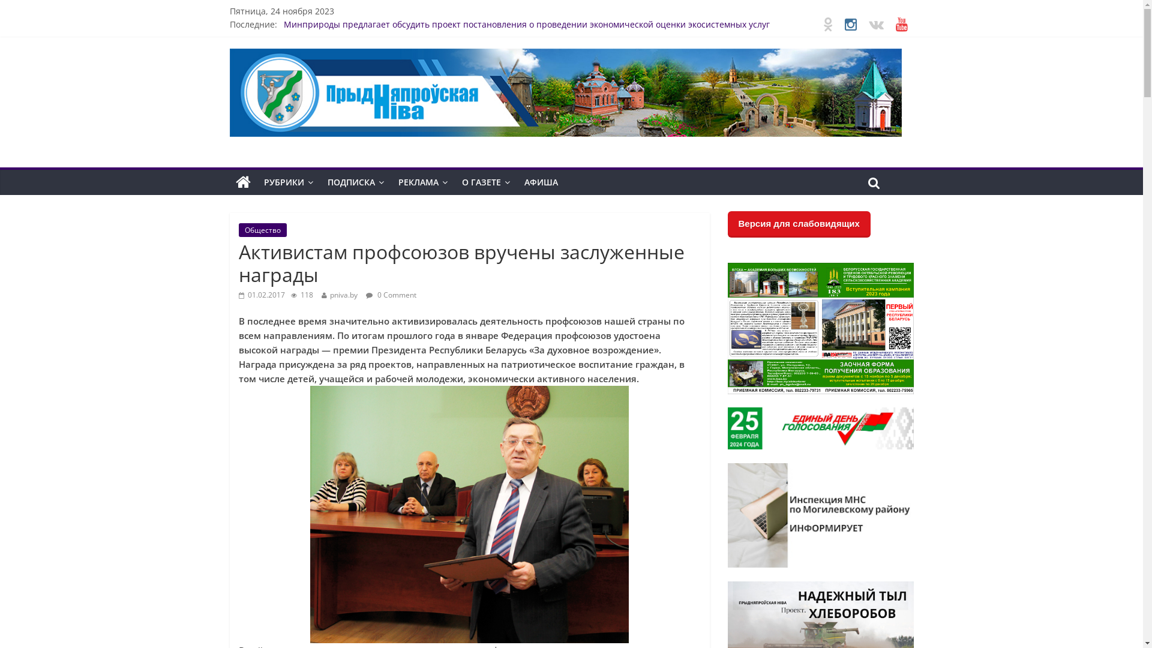 Image resolution: width=1152 pixels, height=648 pixels. Describe the element at coordinates (330, 294) in the screenshot. I see `'pniva.by'` at that location.